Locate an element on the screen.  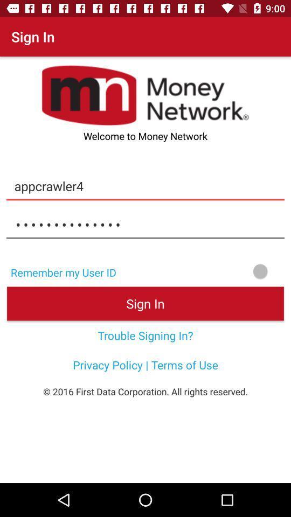
the privacy policy terms is located at coordinates (145, 365).